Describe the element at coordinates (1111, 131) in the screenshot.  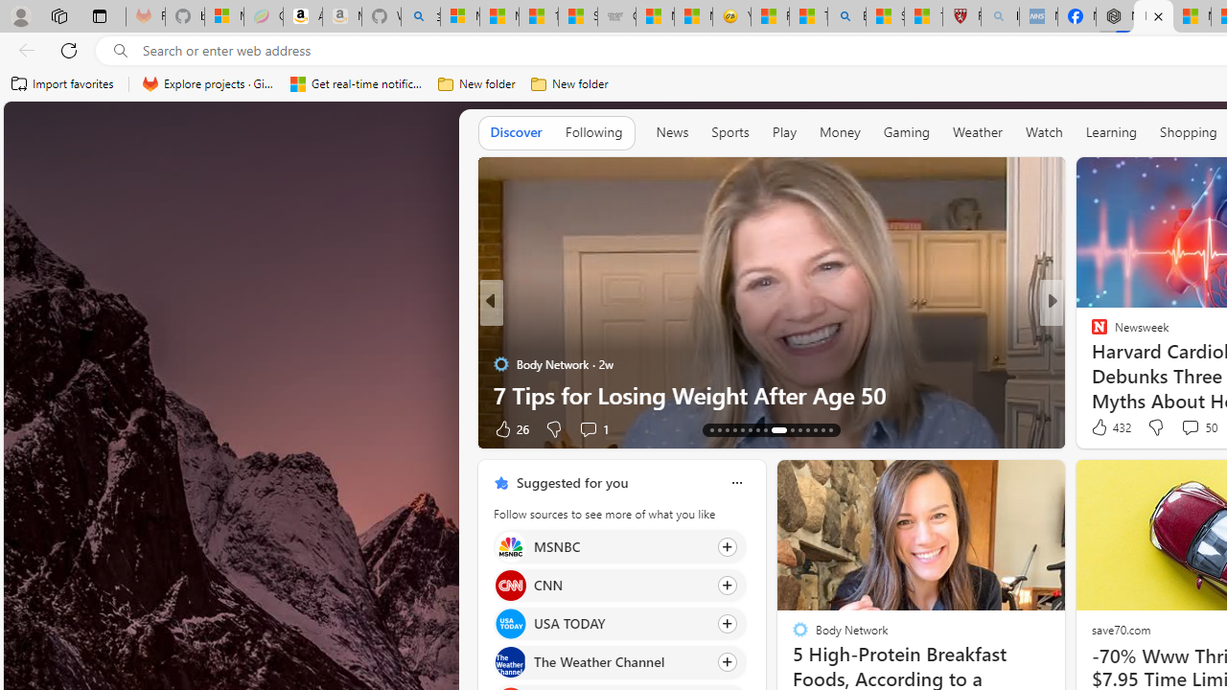
I see `'Learning'` at that location.